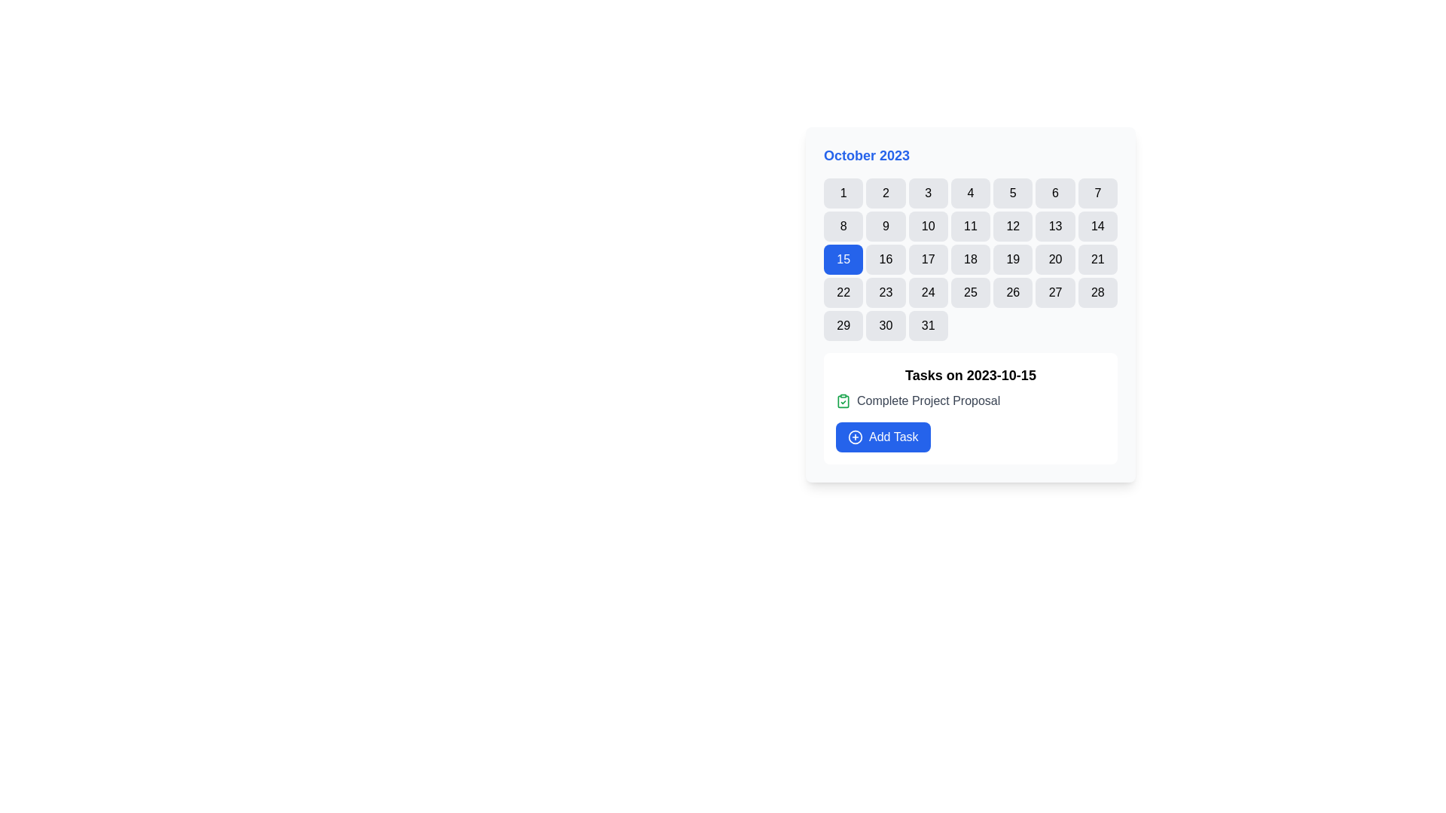 This screenshot has height=813, width=1446. What do you see at coordinates (886, 324) in the screenshot?
I see `the clickable button displaying the number '30'` at bounding box center [886, 324].